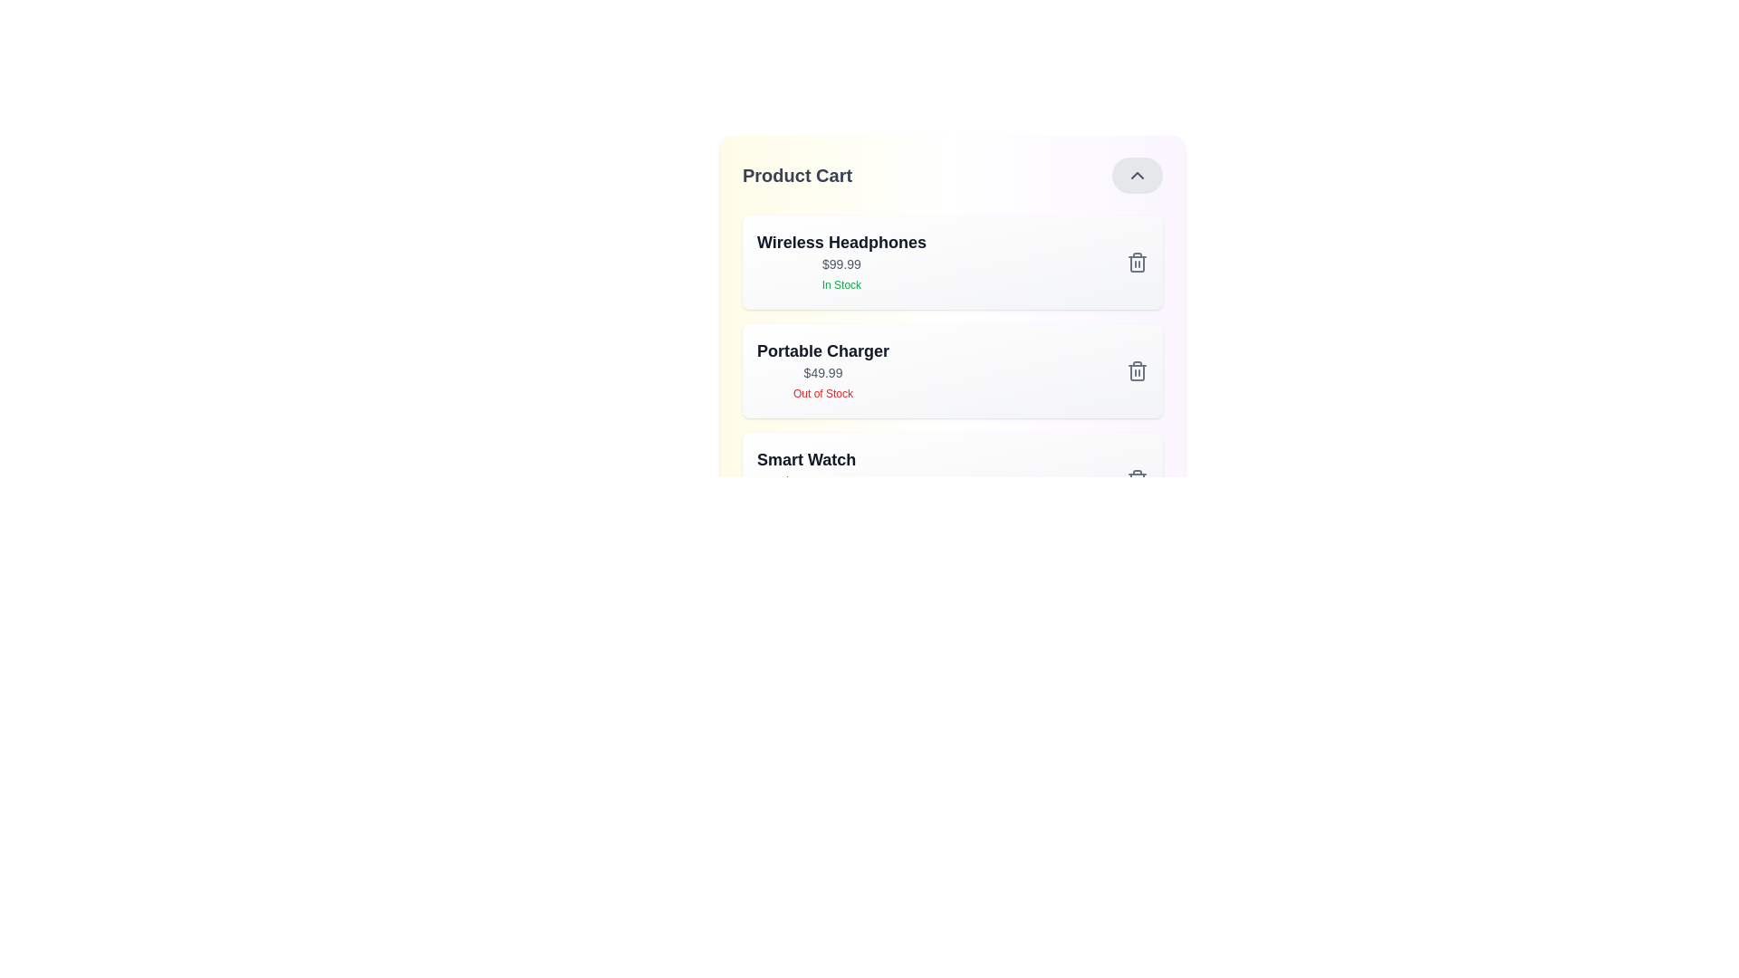  What do you see at coordinates (1137, 175) in the screenshot?
I see `toggle button to change the cart visibility` at bounding box center [1137, 175].